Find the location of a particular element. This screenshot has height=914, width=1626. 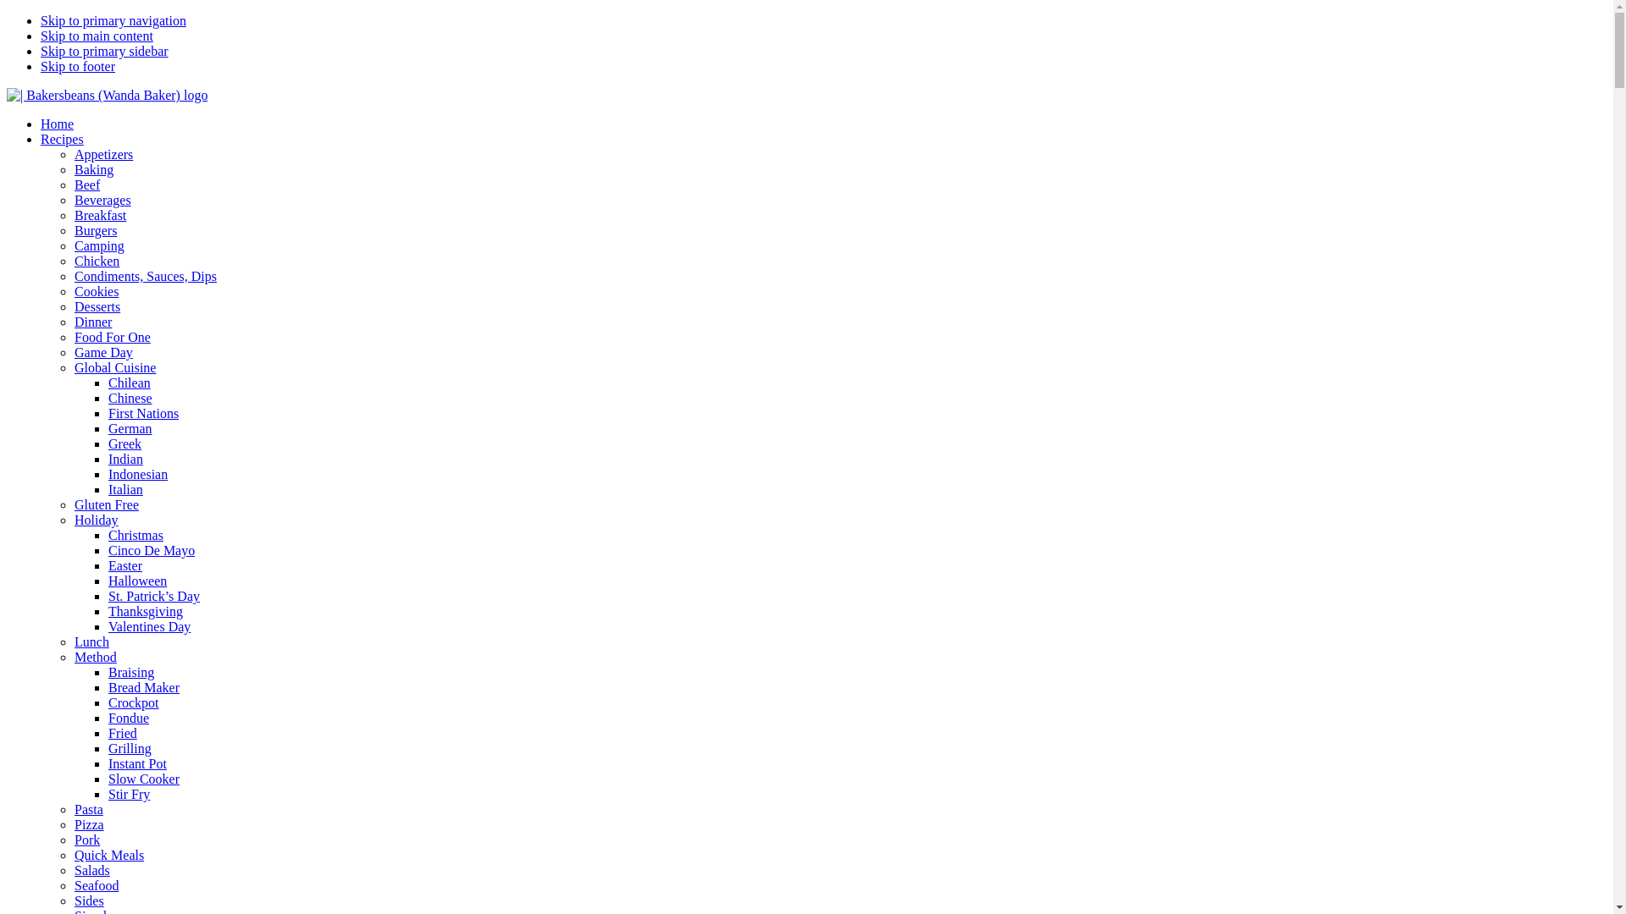

'Instant Pot' is located at coordinates (137, 763).